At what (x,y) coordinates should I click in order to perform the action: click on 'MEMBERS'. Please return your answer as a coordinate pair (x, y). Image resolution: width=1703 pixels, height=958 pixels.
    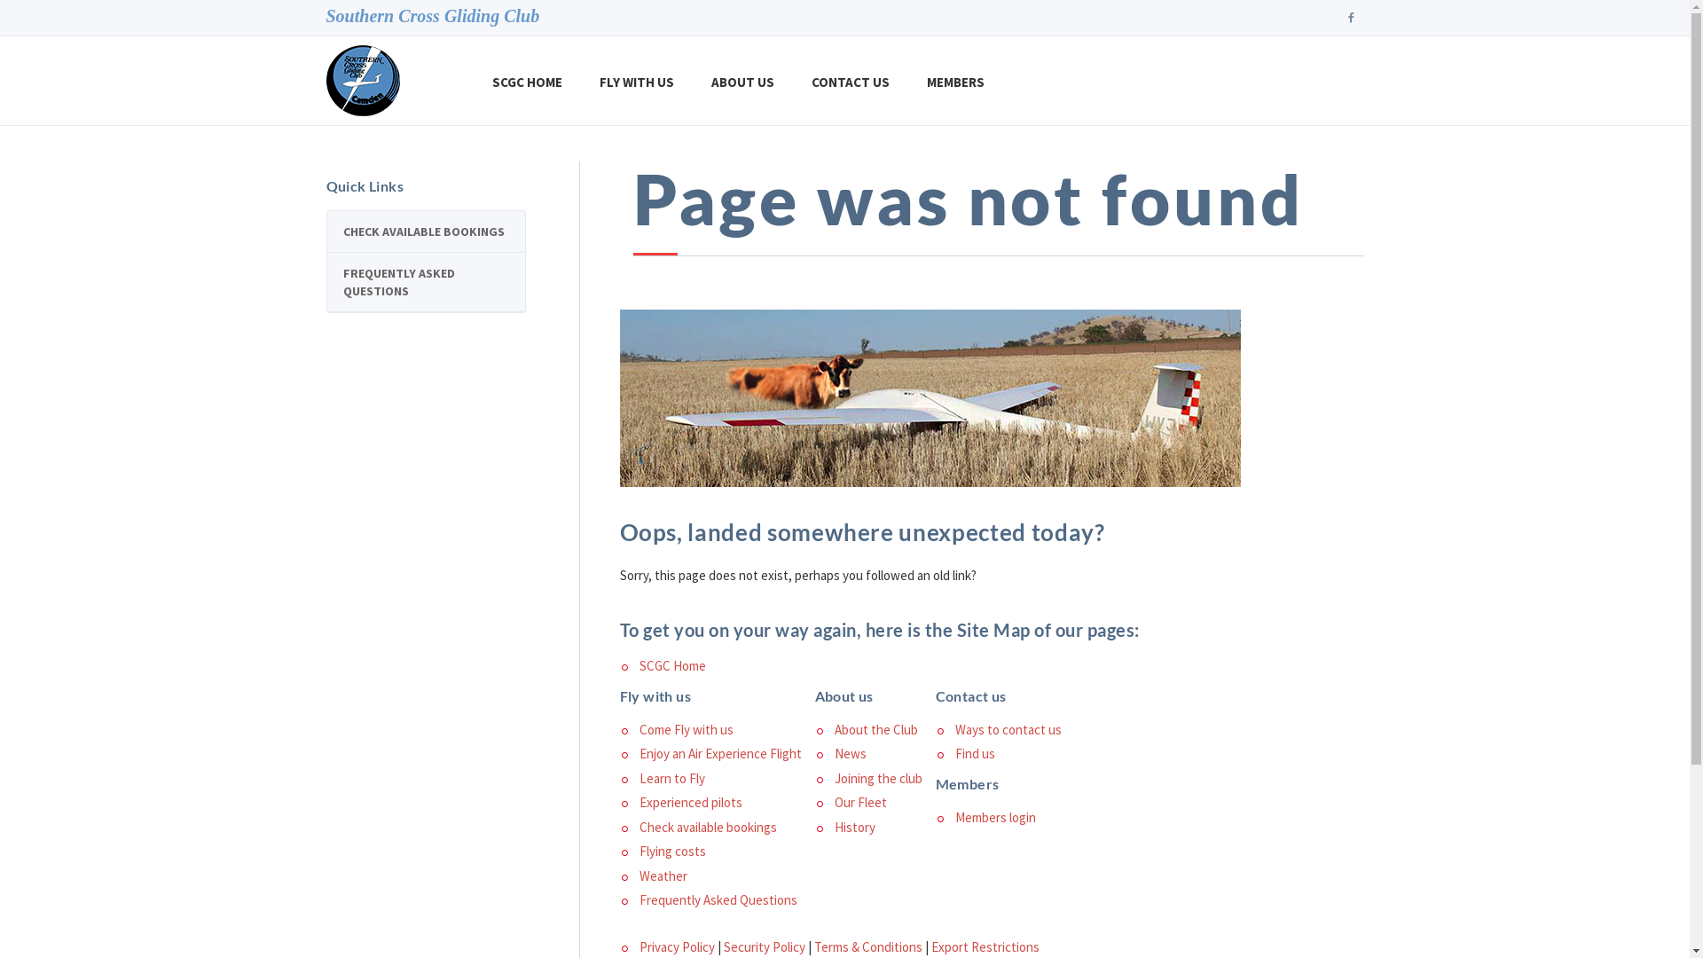
    Looking at the image, I should click on (954, 81).